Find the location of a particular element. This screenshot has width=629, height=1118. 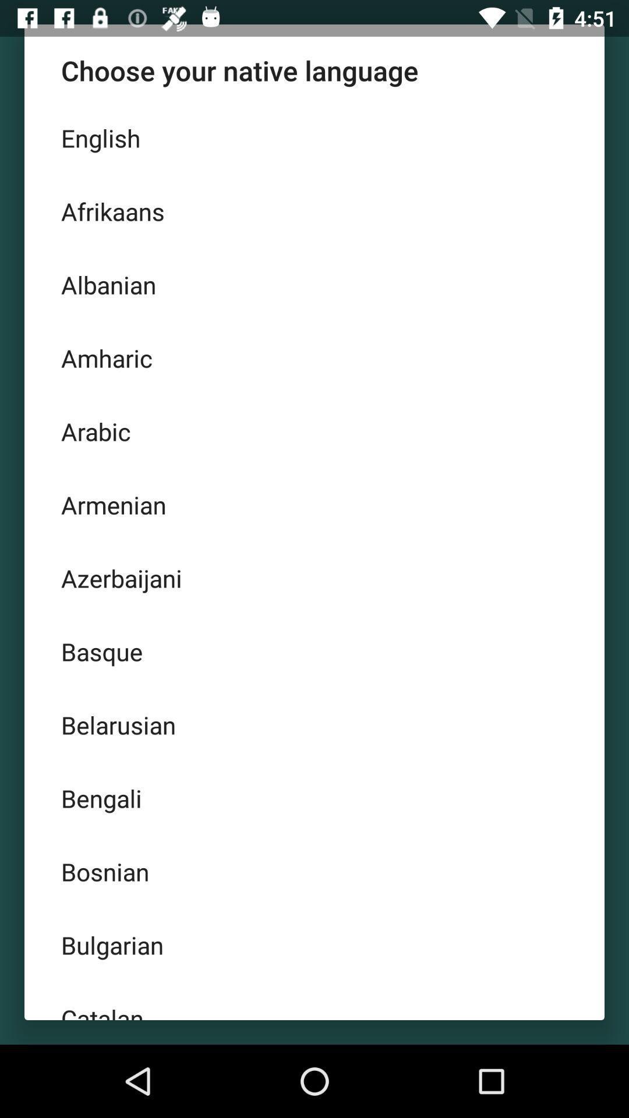

the icon below the english icon is located at coordinates (314, 211).